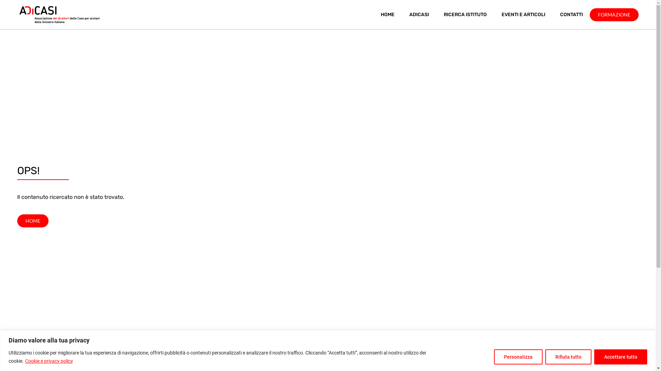 The image size is (661, 371). Describe the element at coordinates (518, 356) in the screenshot. I see `'Personalizza'` at that location.